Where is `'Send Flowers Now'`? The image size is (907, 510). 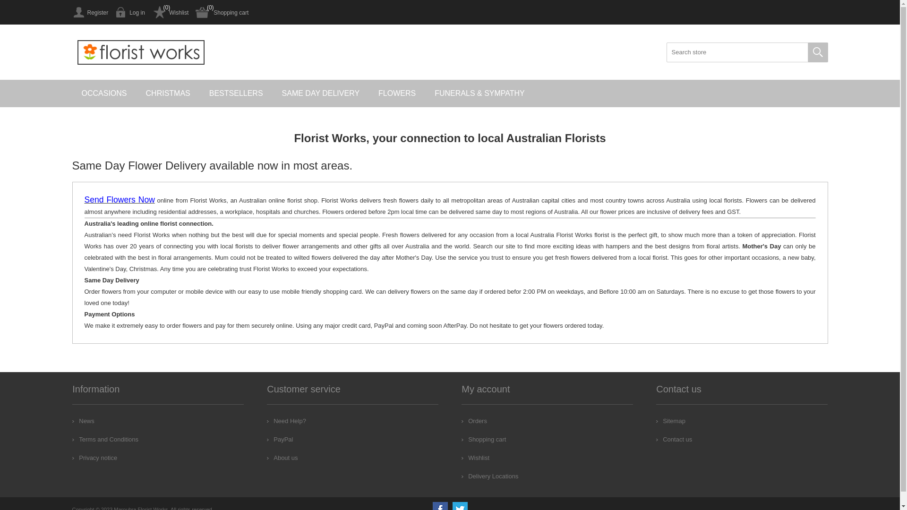
'Send Flowers Now' is located at coordinates (84, 200).